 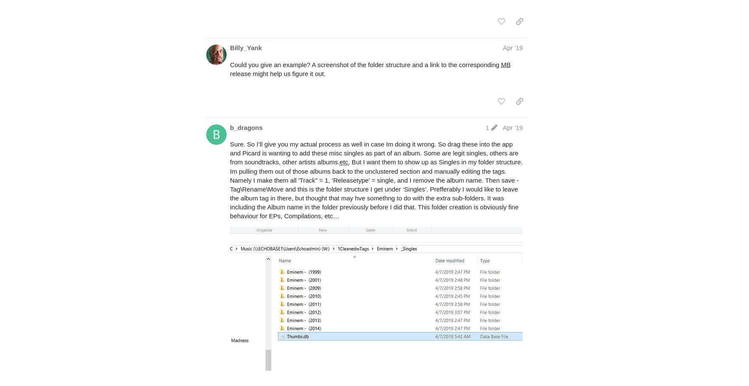 I want to click on 'Billy_Yank', so click(x=230, y=47).